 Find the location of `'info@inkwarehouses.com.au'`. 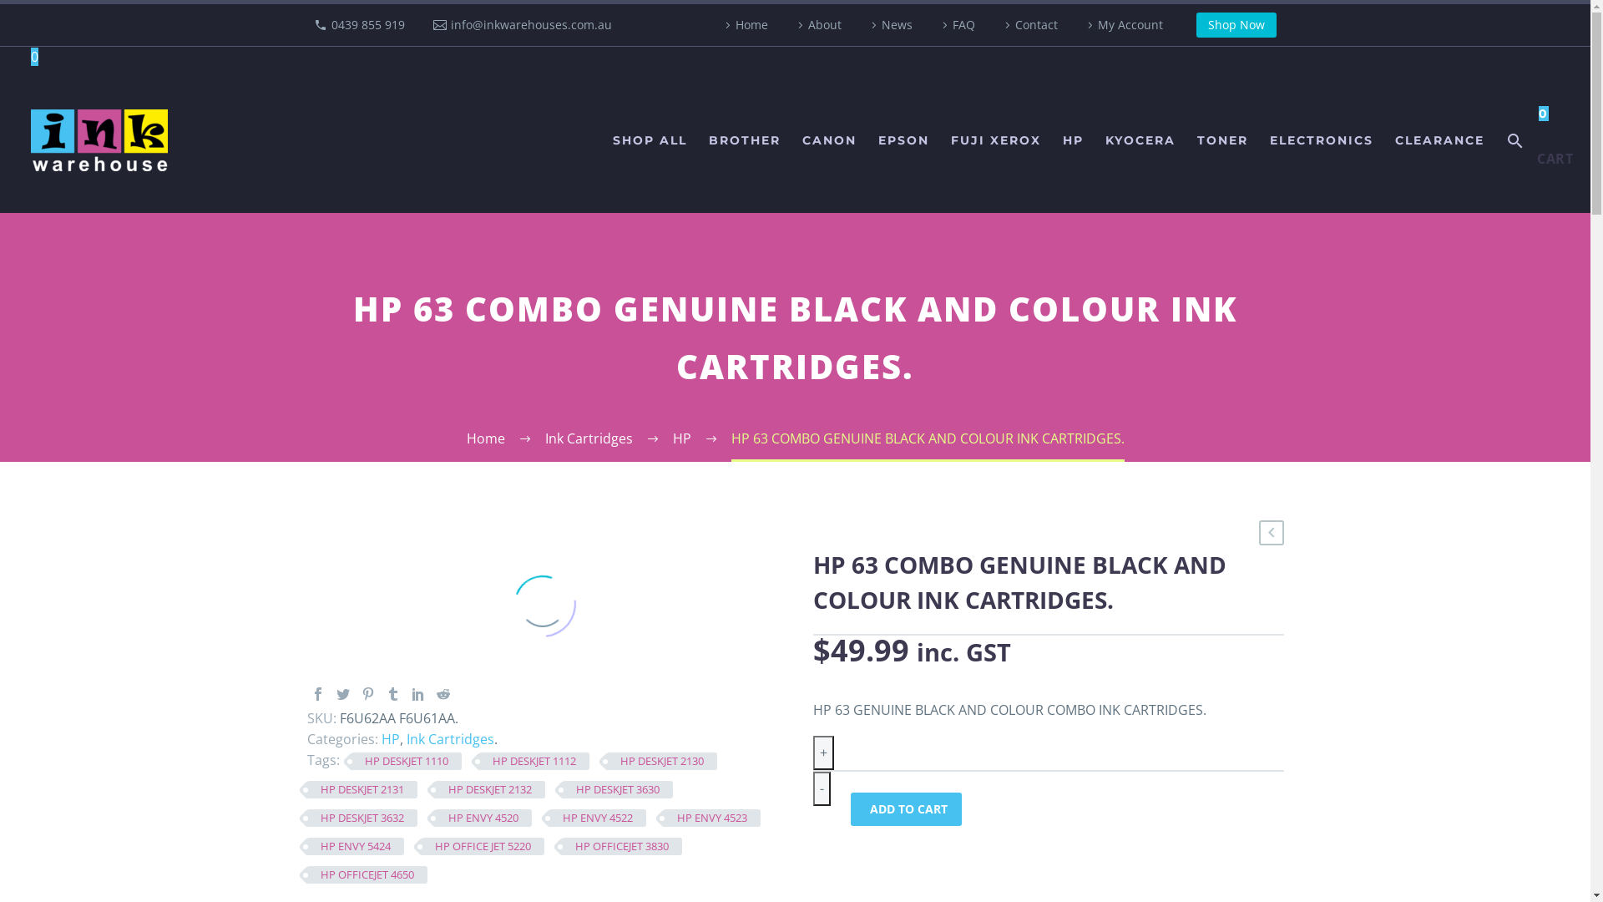

'info@inkwarehouses.com.au' is located at coordinates (530, 24).